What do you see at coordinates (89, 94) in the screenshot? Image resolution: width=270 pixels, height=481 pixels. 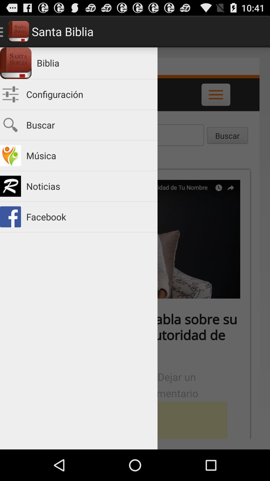 I see `the icon above buscar` at bounding box center [89, 94].